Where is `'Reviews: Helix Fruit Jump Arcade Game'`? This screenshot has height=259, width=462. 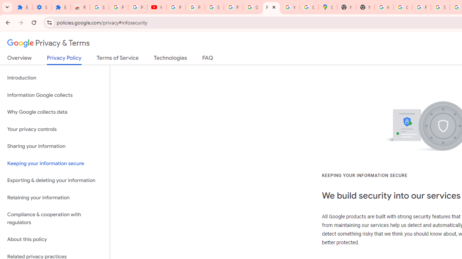 'Reviews: Helix Fruit Jump Arcade Game' is located at coordinates (80, 7).